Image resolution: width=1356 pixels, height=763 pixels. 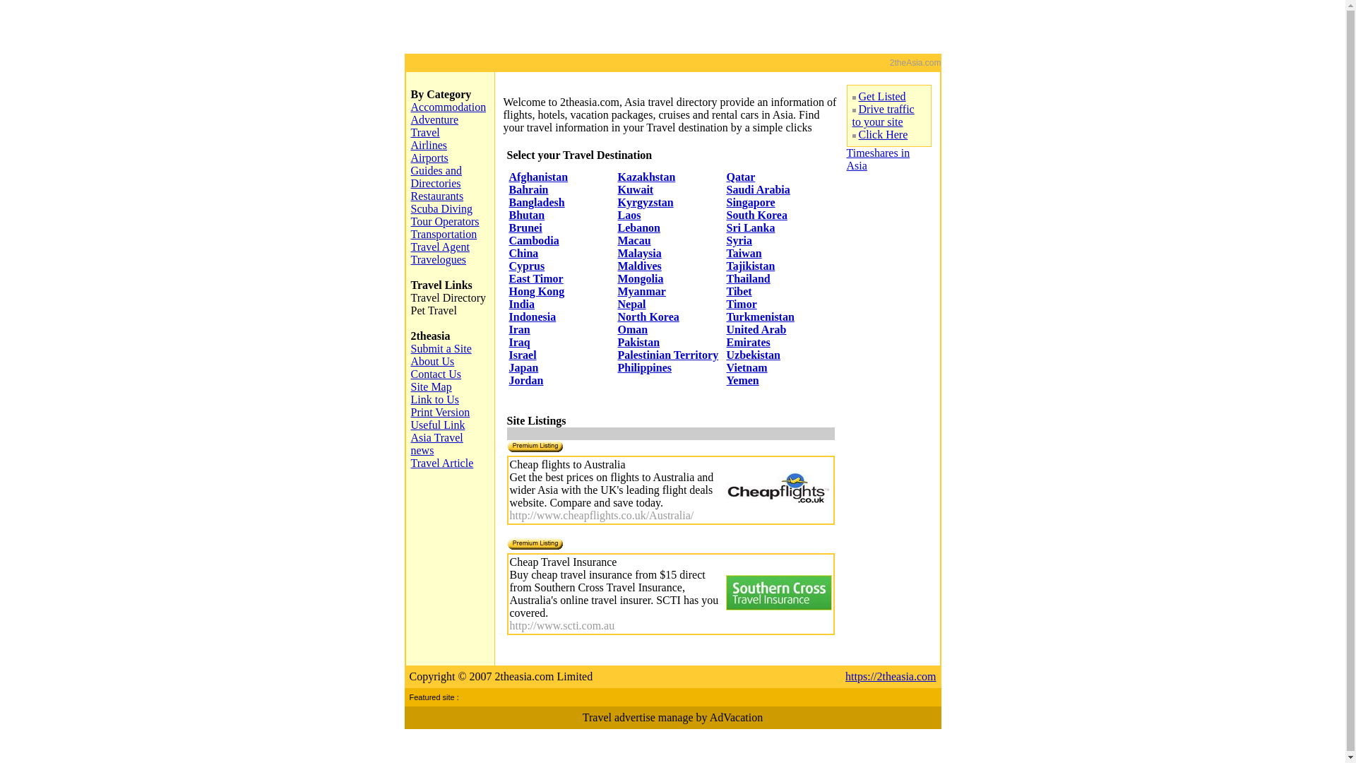 I want to click on 'Asia Travel news', so click(x=436, y=443).